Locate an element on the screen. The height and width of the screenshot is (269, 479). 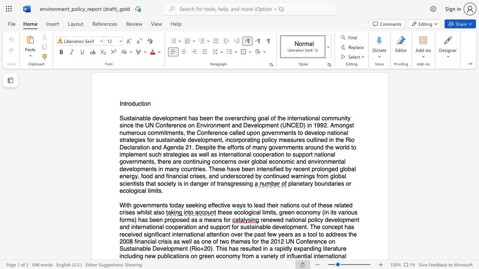
the subset text "s one of two themes for the 2012 UN Conference on Sustainable Development (Rio+20). This has res" within the text "as well as one of two themes for the 2012 UN Conference on Sustainable Development (Rio+20). This has resulted in a rapidly expanding literature including new publications on green economy from a variety of influential international" is located at coordinates (196, 241).